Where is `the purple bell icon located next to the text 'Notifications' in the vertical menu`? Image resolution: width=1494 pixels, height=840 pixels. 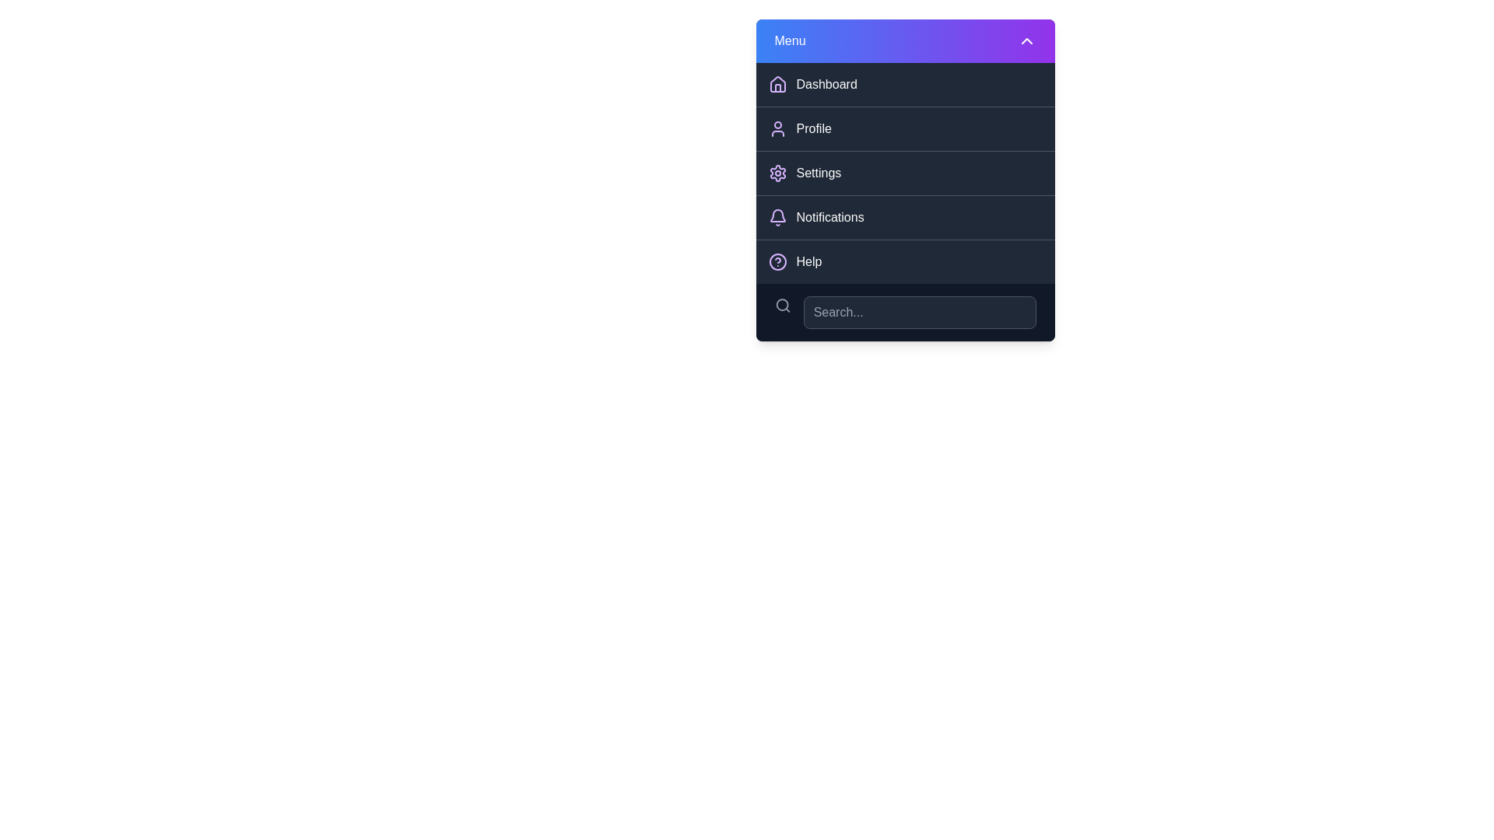 the purple bell icon located next to the text 'Notifications' in the vertical menu is located at coordinates (777, 218).